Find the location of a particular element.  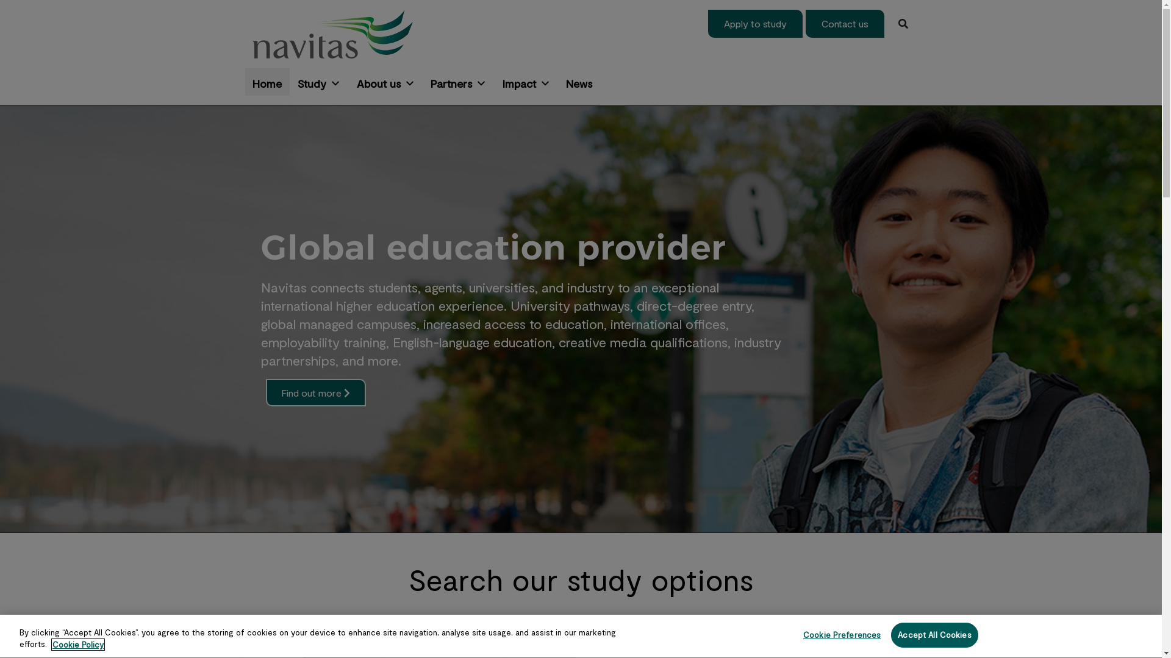

'Partners' is located at coordinates (458, 82).